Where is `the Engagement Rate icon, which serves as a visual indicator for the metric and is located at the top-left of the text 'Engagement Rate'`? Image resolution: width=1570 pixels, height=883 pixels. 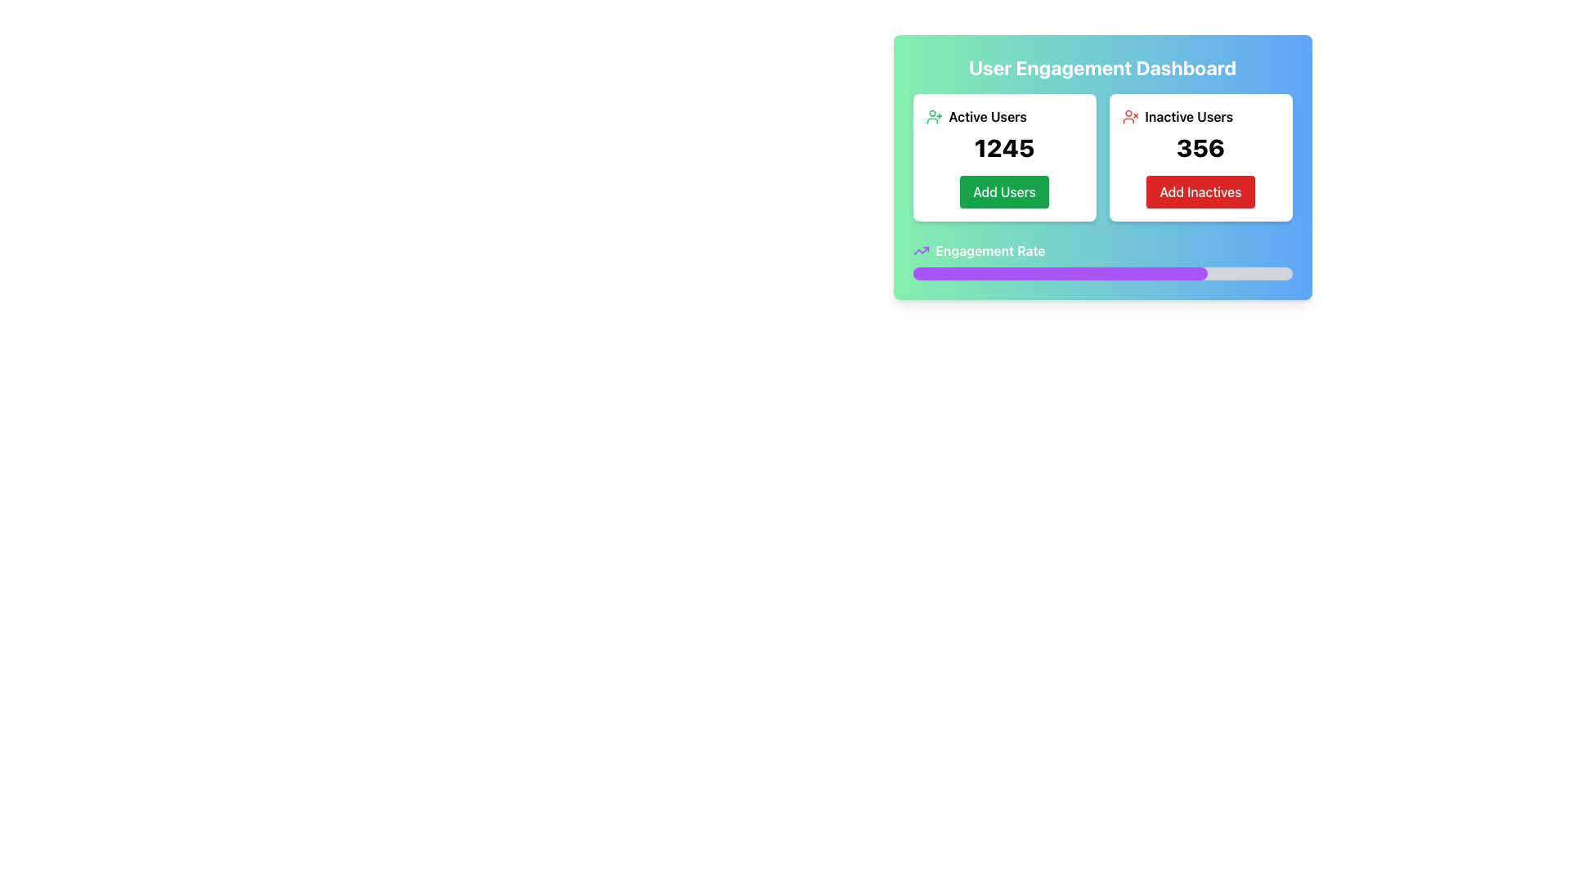
the Engagement Rate icon, which serves as a visual indicator for the metric and is located at the top-left of the text 'Engagement Rate' is located at coordinates (921, 251).